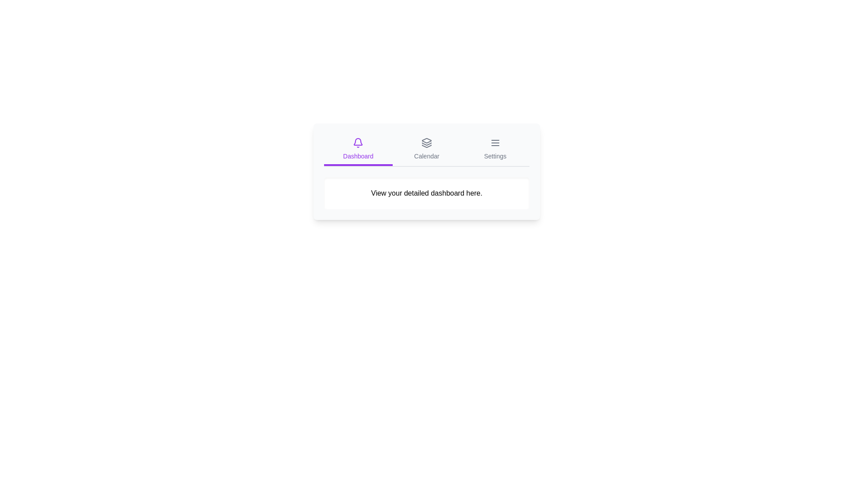  Describe the element at coordinates (323, 177) in the screenshot. I see `the text content displayed in the active tab` at that location.